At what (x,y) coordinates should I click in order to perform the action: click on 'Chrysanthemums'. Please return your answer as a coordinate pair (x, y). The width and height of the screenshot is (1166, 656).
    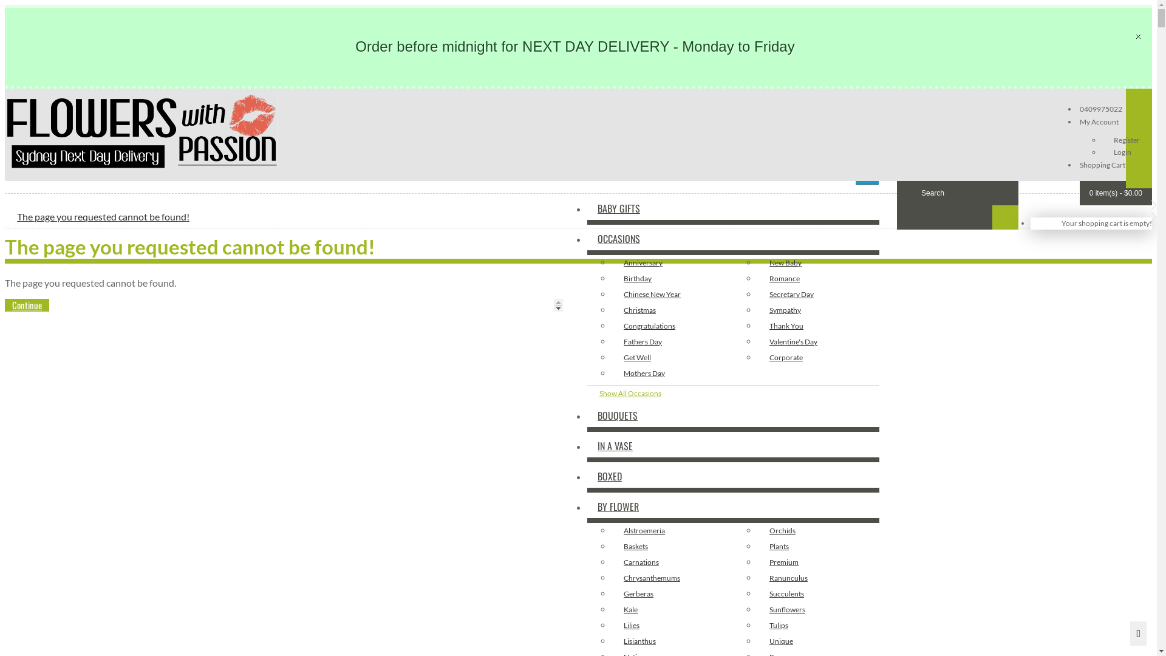
    Looking at the image, I should click on (672, 577).